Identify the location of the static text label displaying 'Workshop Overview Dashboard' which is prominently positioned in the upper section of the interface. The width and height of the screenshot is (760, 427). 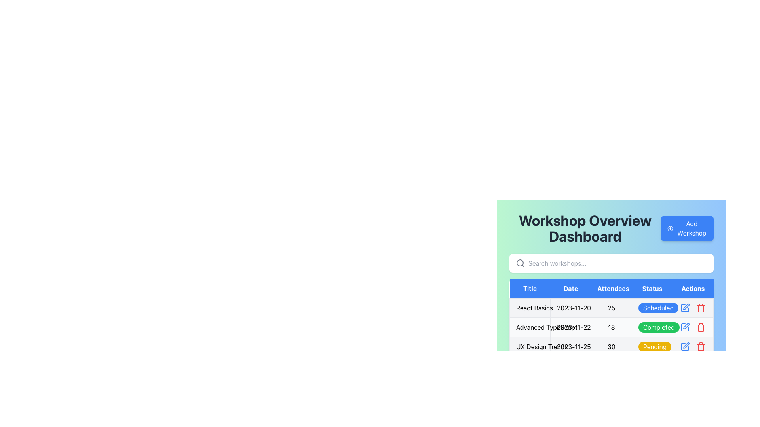
(585, 229).